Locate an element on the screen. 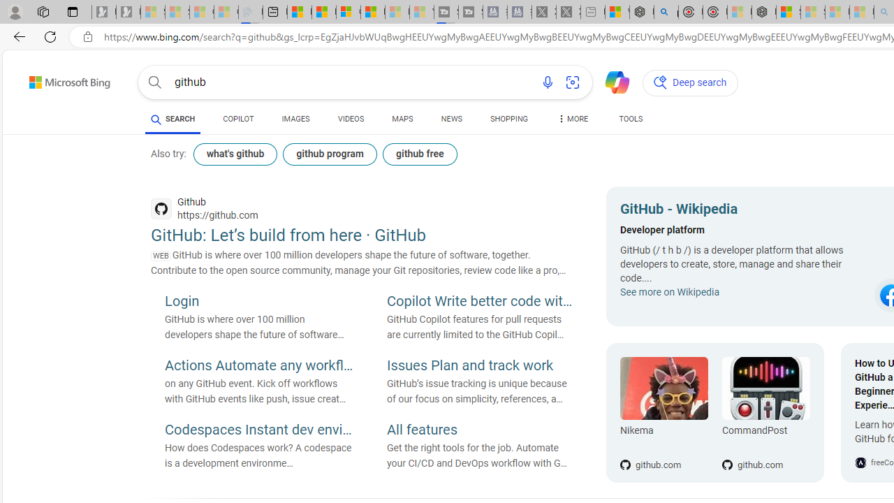 The width and height of the screenshot is (894, 503). 'Newsletter Sign Up - Sleeping' is located at coordinates (128, 12).